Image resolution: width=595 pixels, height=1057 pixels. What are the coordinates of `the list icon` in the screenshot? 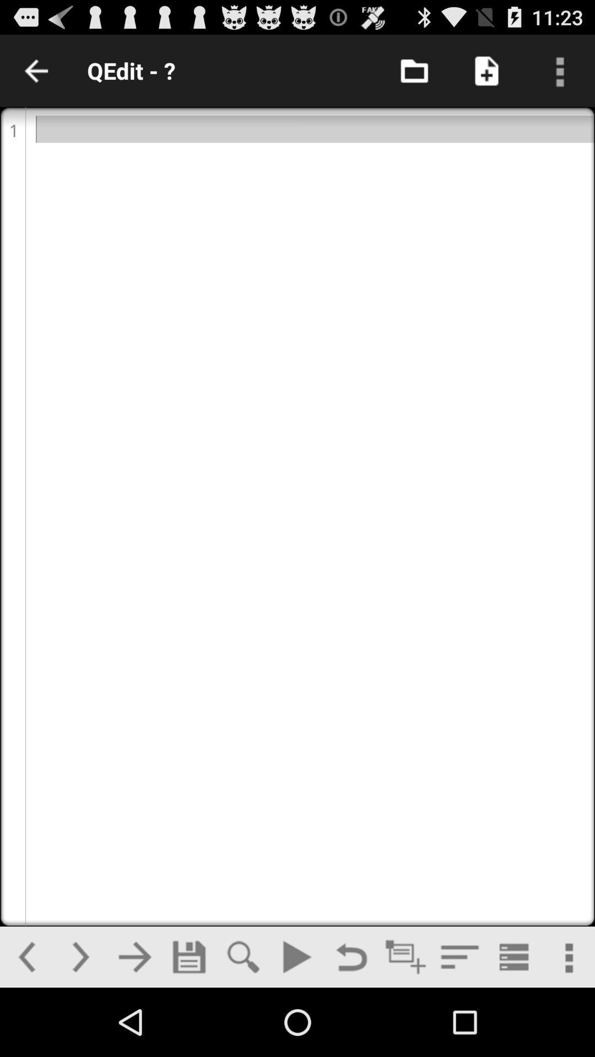 It's located at (513, 1023).